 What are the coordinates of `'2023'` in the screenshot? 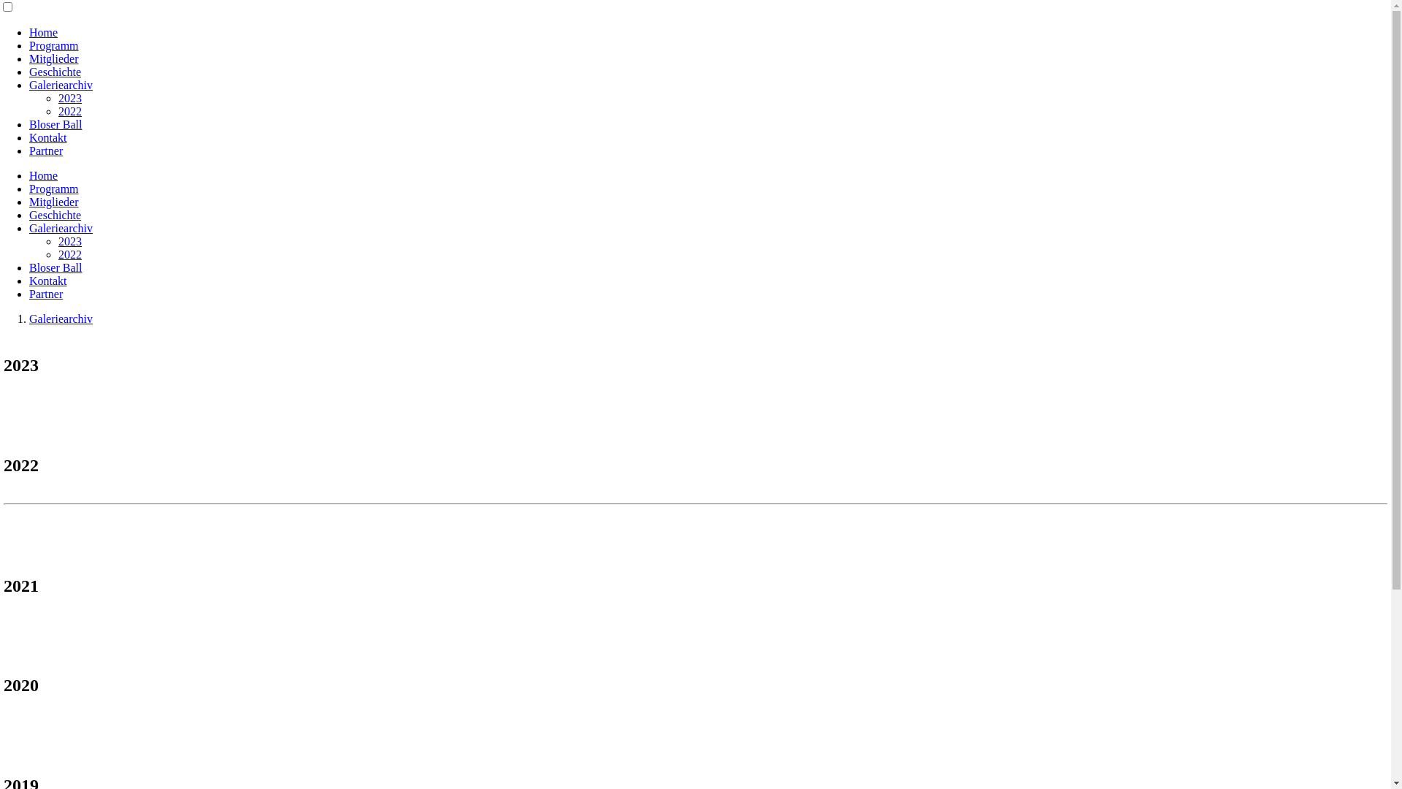 It's located at (58, 240).